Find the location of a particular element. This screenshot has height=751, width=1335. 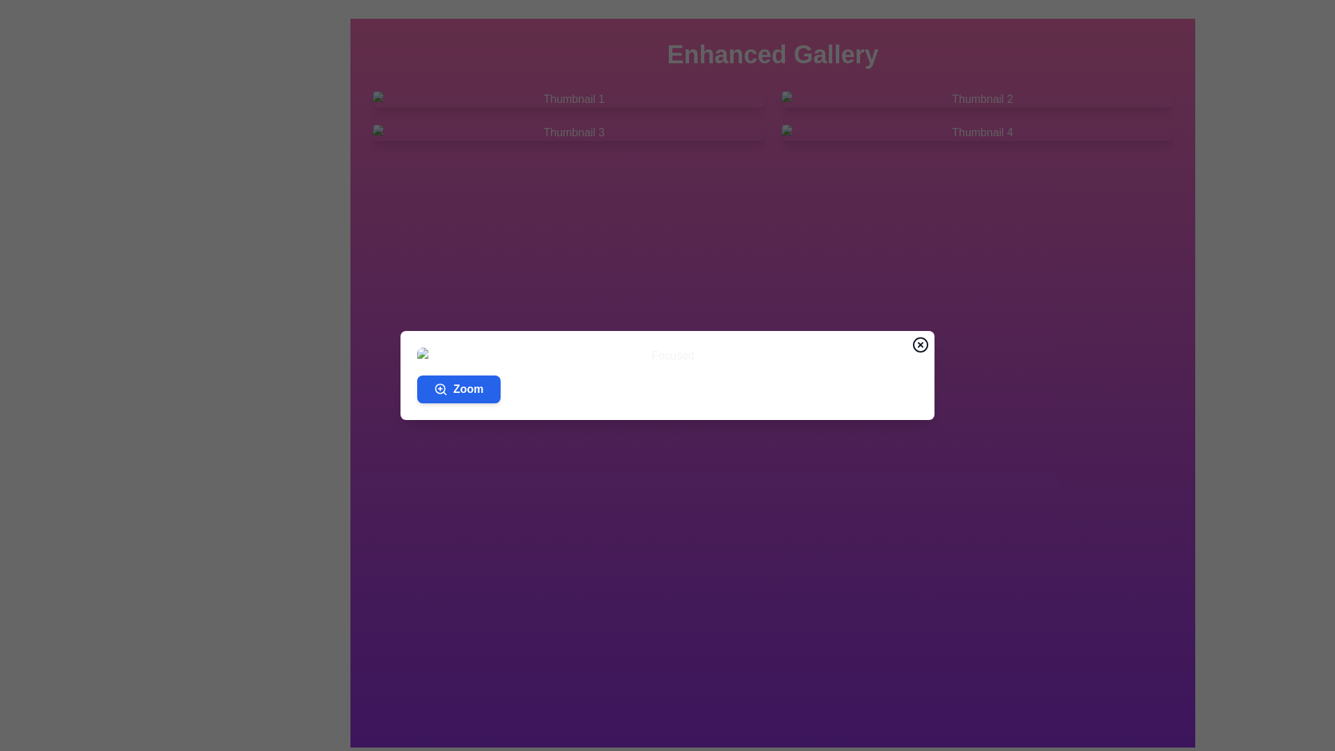

the magnifying glass icon embedded within the blue 'Zoom' button is located at coordinates (439, 389).